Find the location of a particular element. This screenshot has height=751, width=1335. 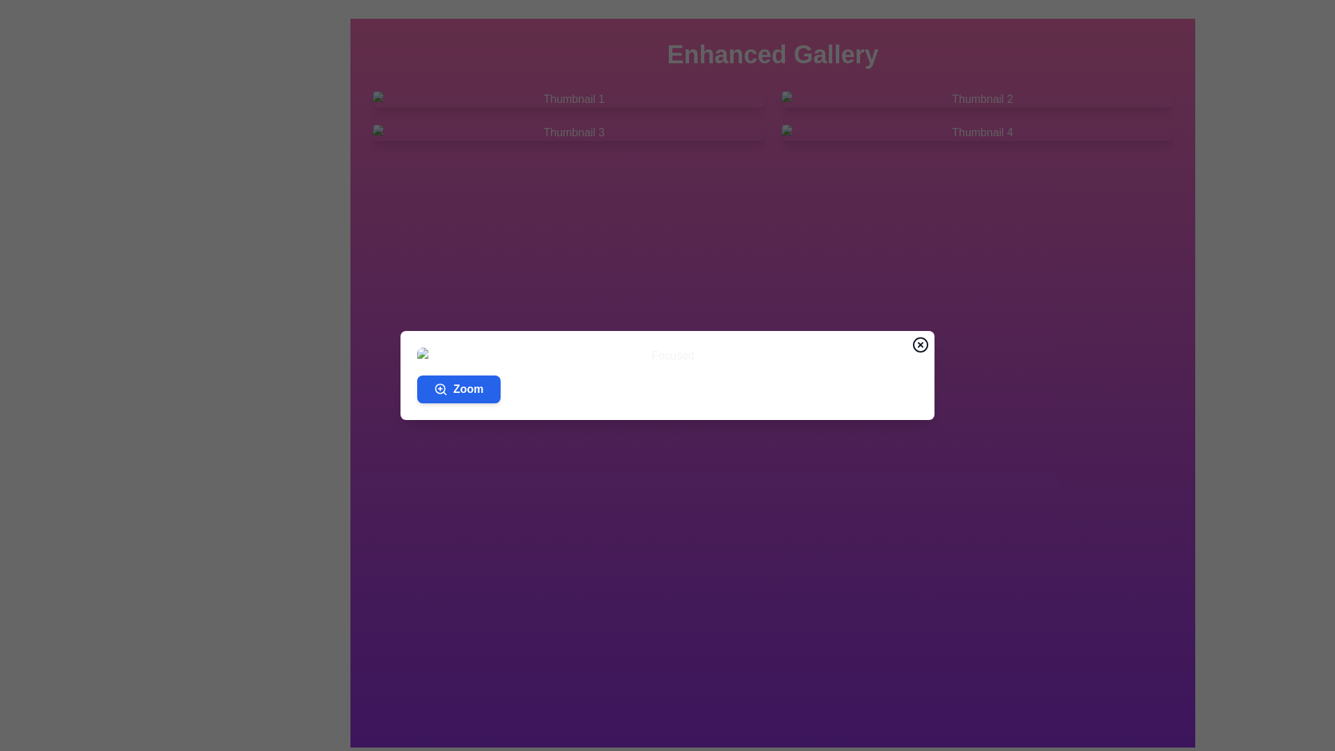

the magnifying glass icon embedded within the blue 'Zoom' button is located at coordinates (439, 389).